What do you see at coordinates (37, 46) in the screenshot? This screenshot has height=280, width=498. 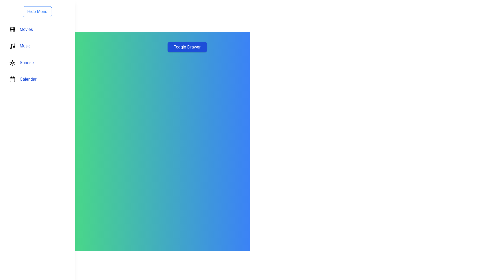 I see `the menu item labeled Music to observe its hover effect` at bounding box center [37, 46].